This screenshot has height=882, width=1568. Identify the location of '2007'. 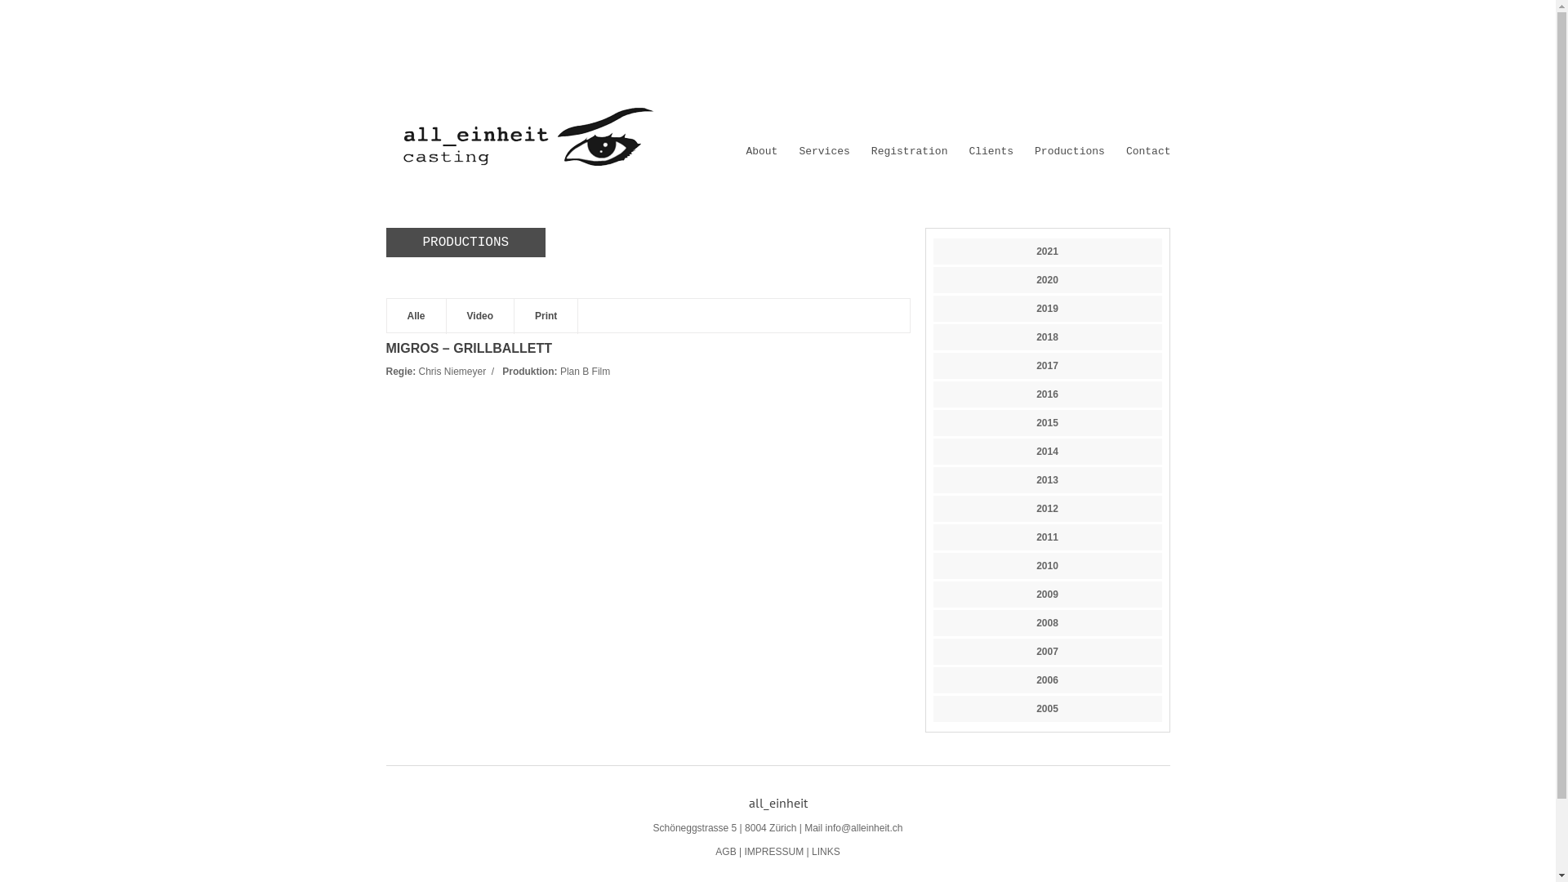
(1035, 651).